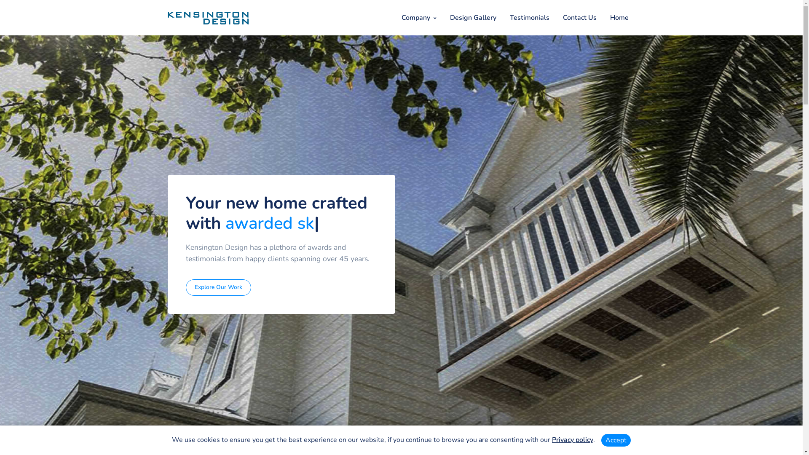 Image resolution: width=809 pixels, height=455 pixels. What do you see at coordinates (218, 287) in the screenshot?
I see `'Explore Our Work'` at bounding box center [218, 287].